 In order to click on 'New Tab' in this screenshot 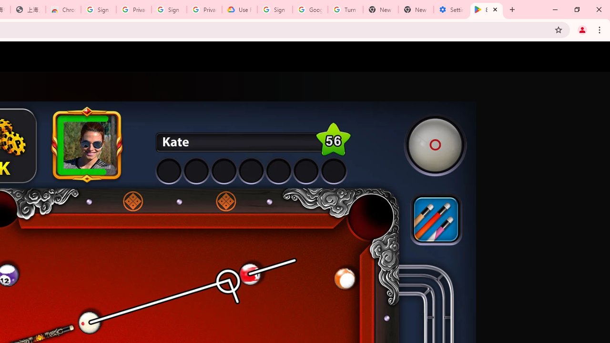, I will do `click(416, 10)`.